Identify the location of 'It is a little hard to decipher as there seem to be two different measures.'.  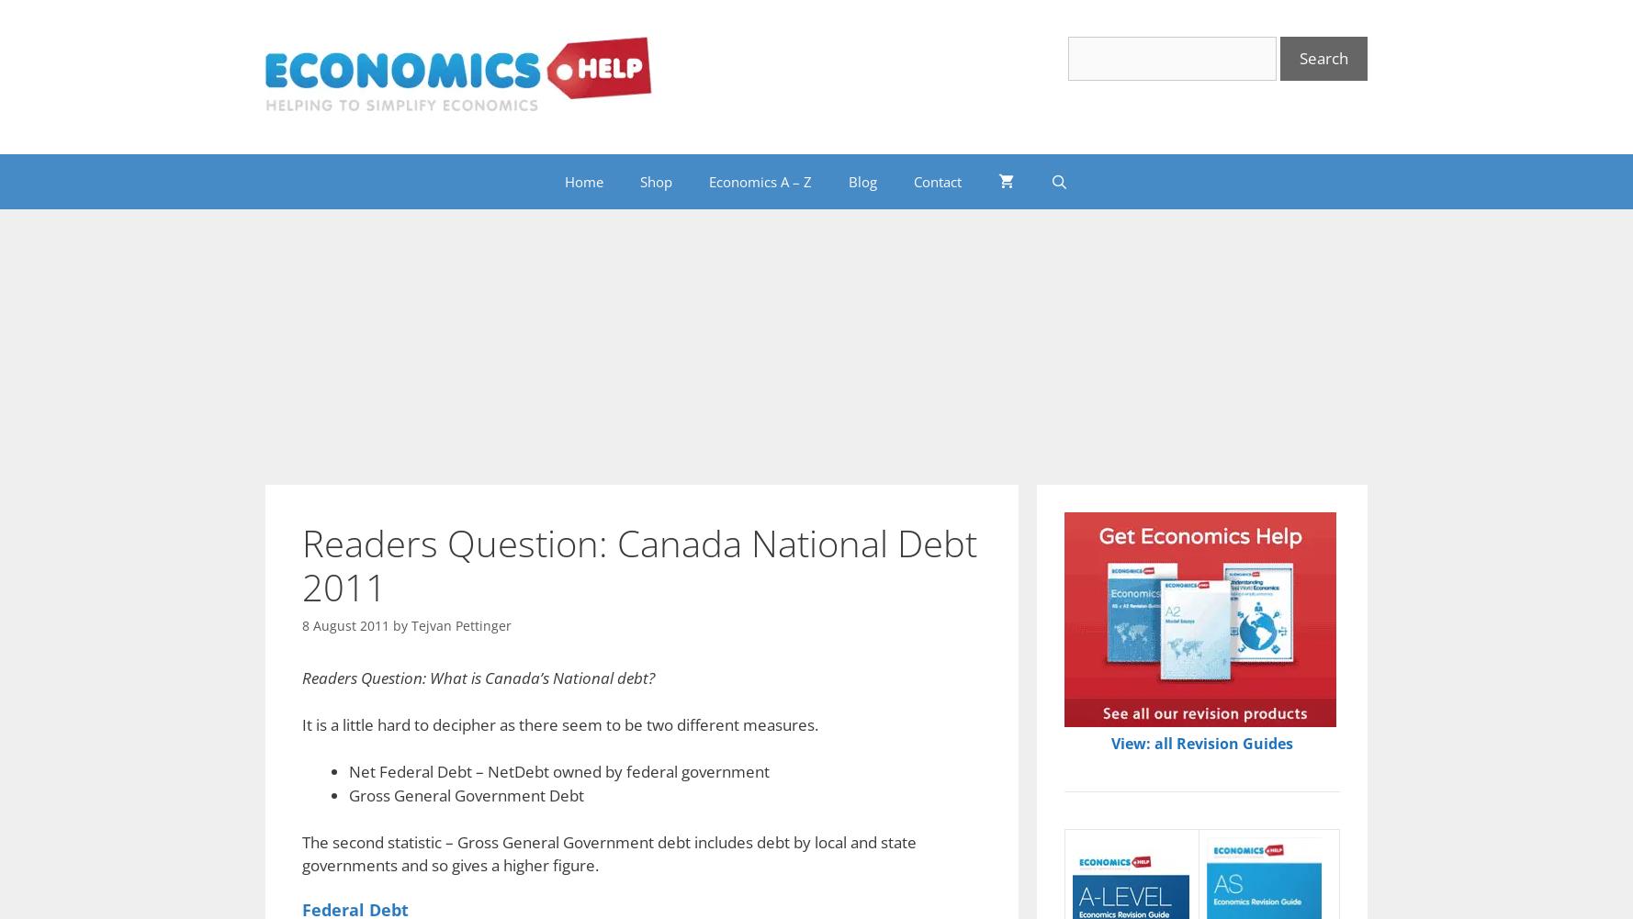
(559, 723).